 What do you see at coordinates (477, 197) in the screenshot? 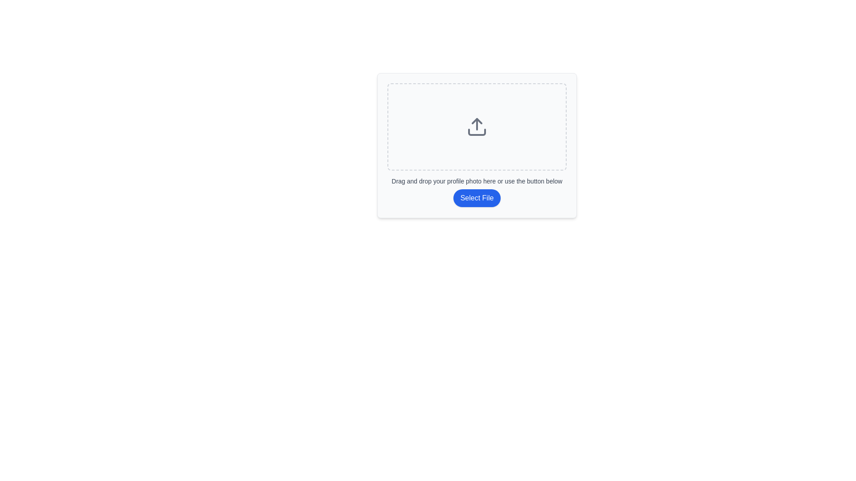
I see `the 'Select File' button` at bounding box center [477, 197].